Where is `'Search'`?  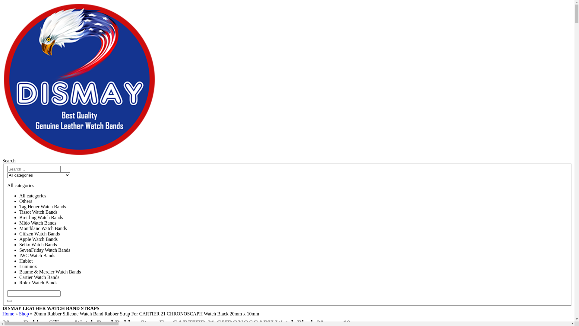 'Search' is located at coordinates (9, 160).